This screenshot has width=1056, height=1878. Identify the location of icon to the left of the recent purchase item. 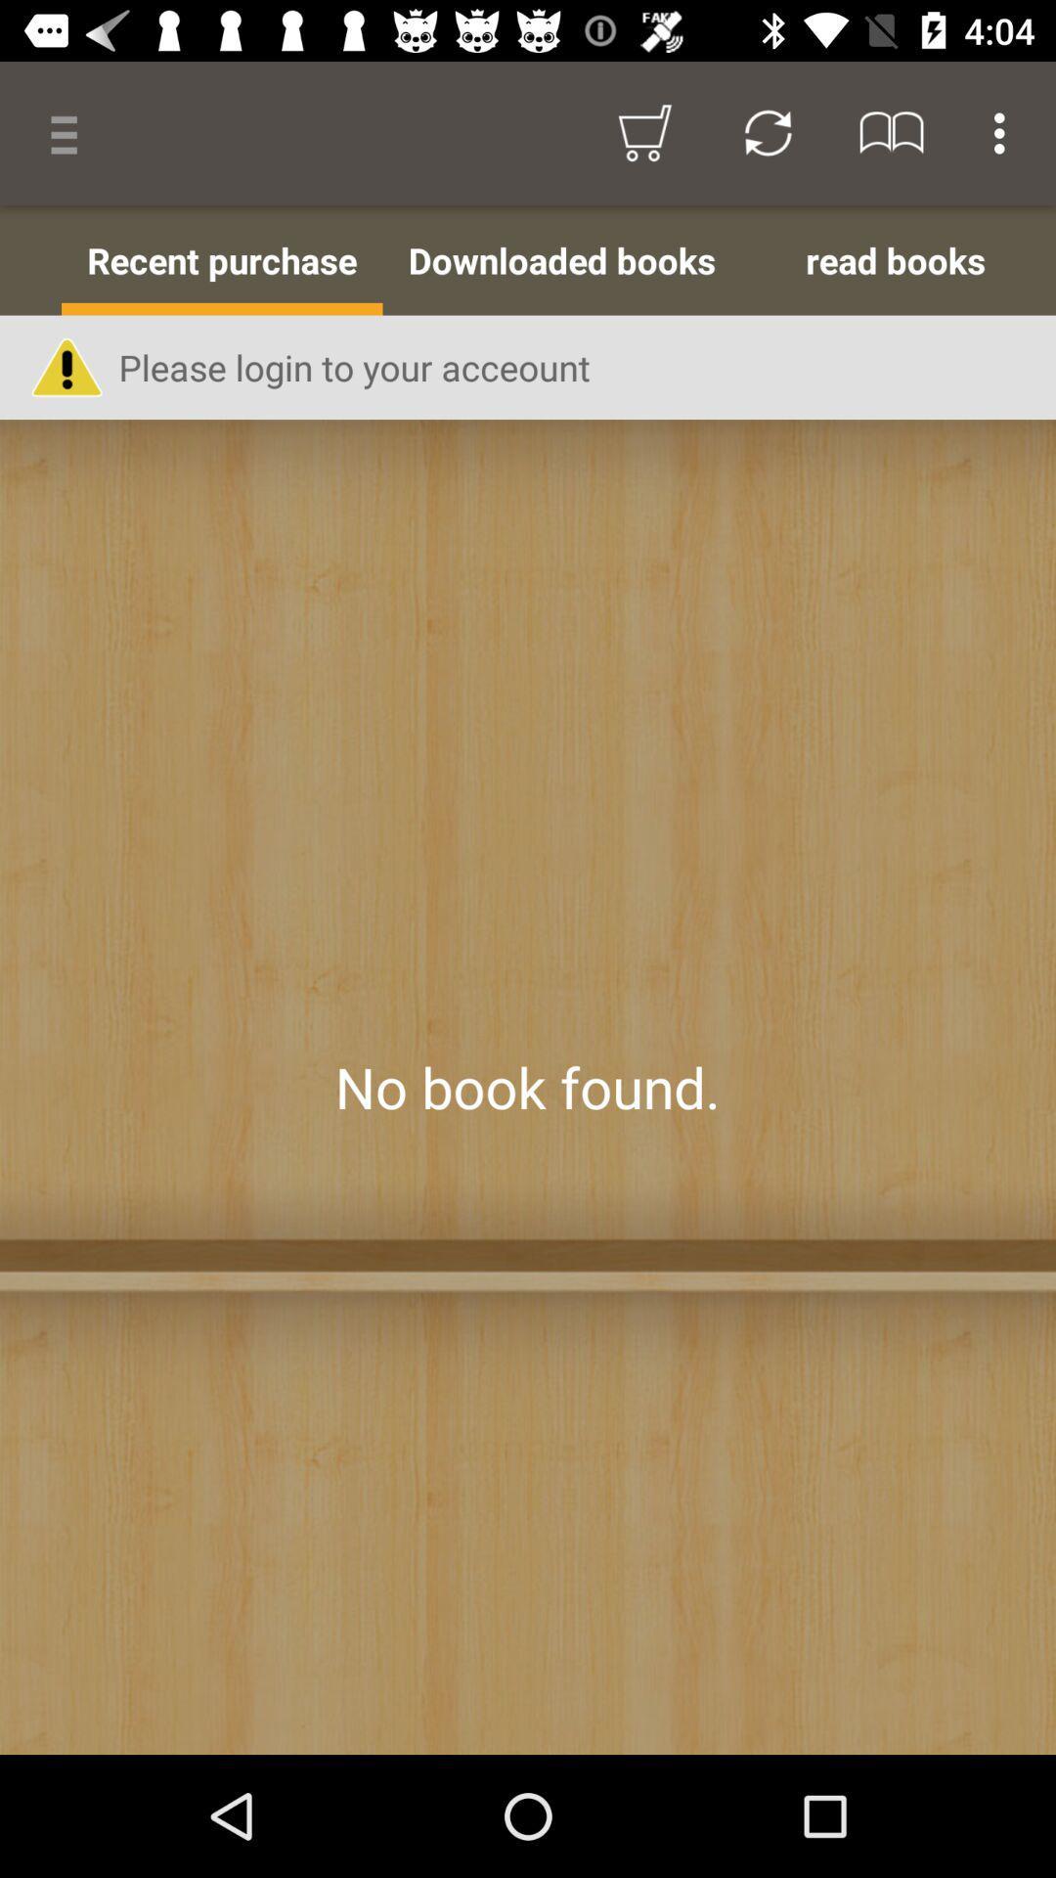
(30, 259).